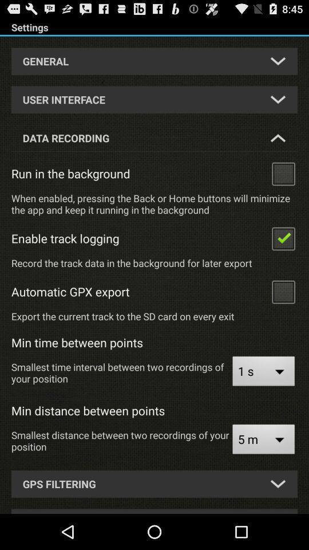 Image resolution: width=309 pixels, height=550 pixels. Describe the element at coordinates (283, 237) in the screenshot. I see `option` at that location.